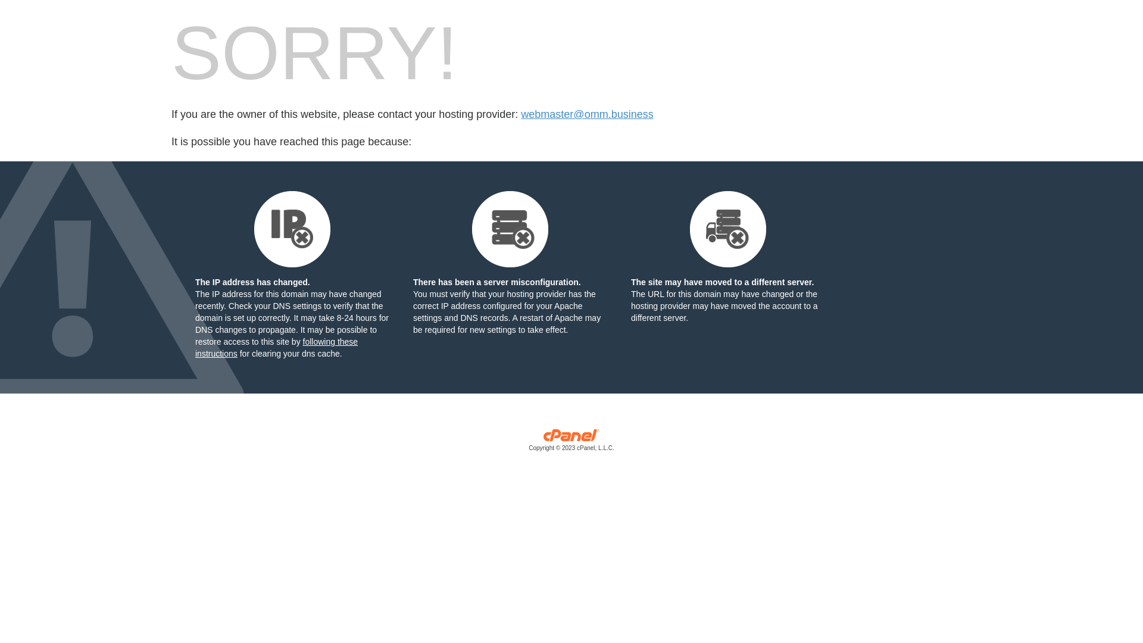  Describe the element at coordinates (586, 114) in the screenshot. I see `'webmaster@omm.business'` at that location.